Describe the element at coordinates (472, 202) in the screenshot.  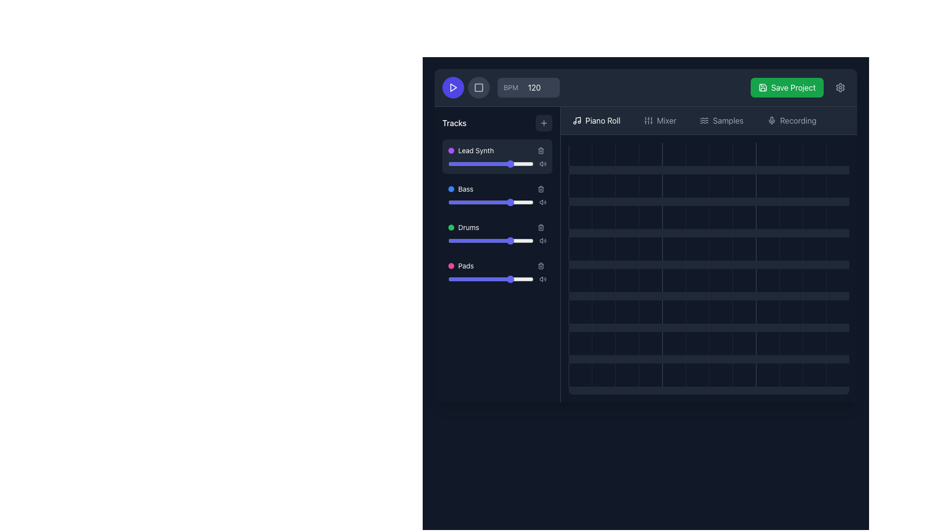
I see `the bass level` at that location.